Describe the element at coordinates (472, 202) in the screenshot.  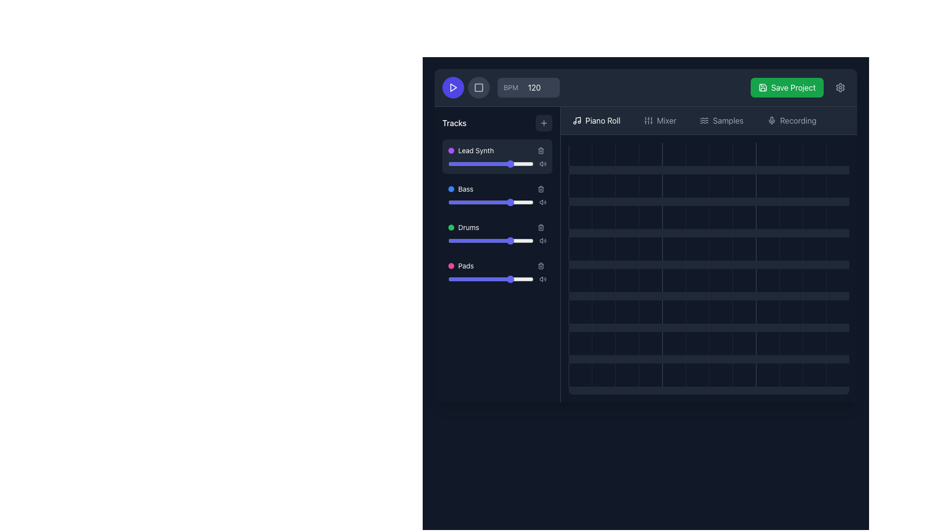
I see `the bass level` at that location.